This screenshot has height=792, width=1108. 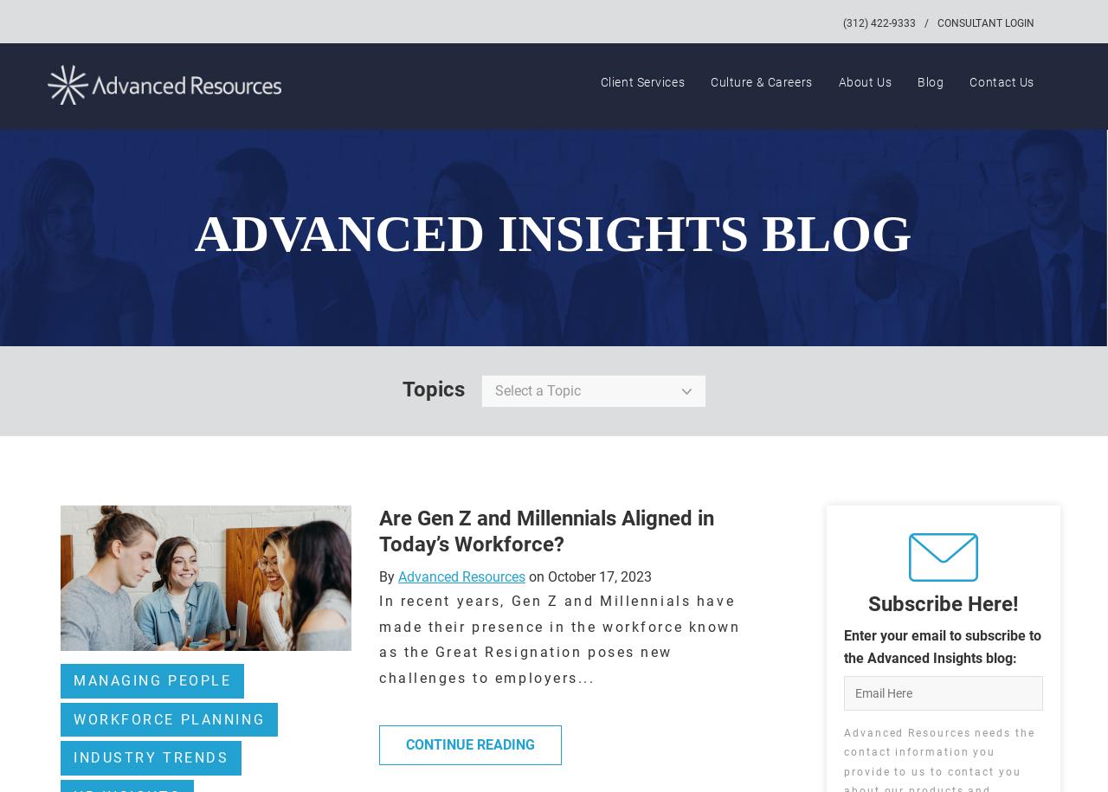 What do you see at coordinates (842, 647) in the screenshot?
I see `'Enter your email to subscribe to the Advanced Insights blog:'` at bounding box center [842, 647].